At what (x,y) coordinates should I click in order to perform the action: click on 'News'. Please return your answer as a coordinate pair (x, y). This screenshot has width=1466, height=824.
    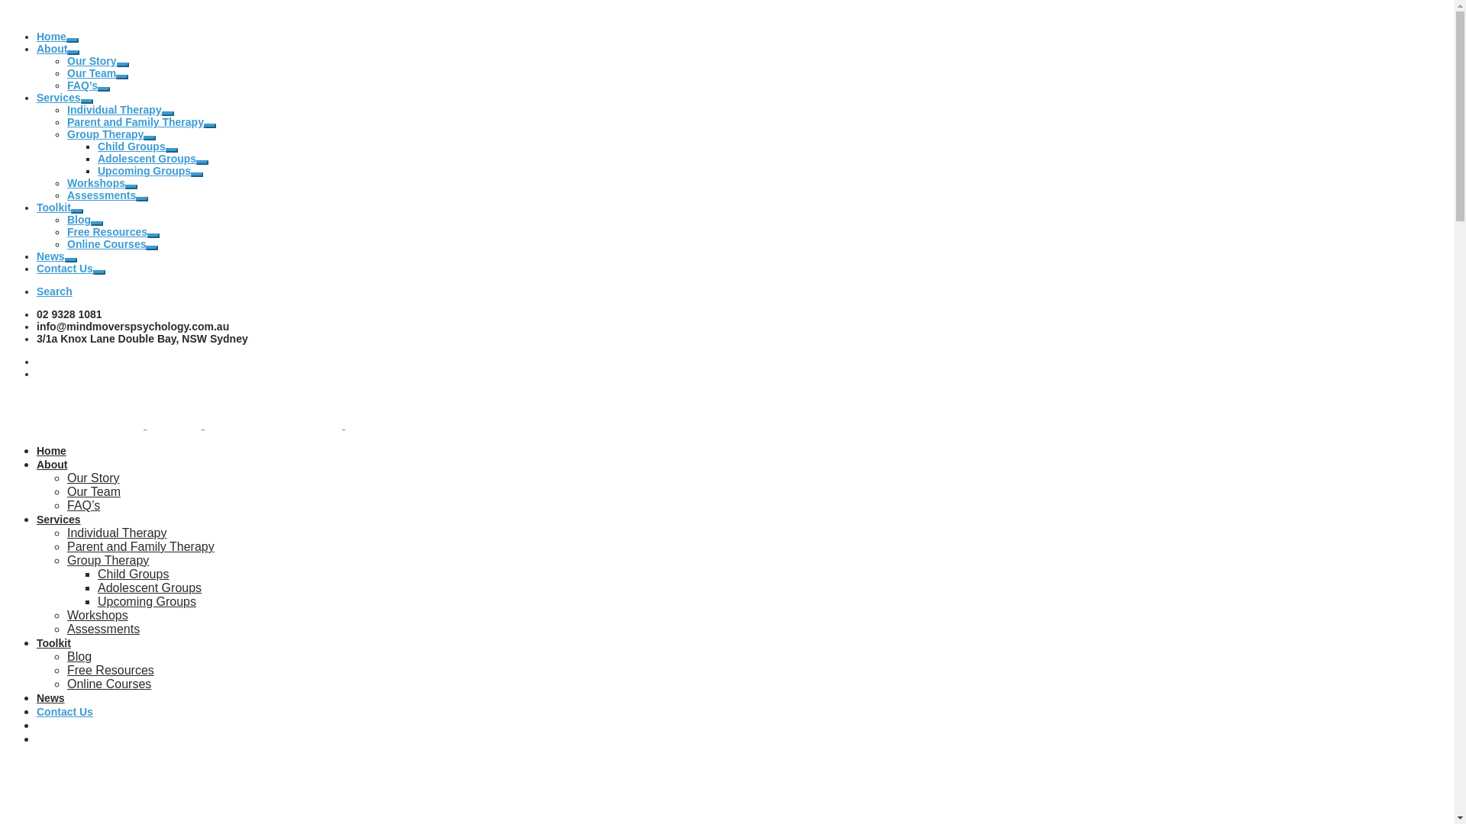
    Looking at the image, I should click on (50, 697).